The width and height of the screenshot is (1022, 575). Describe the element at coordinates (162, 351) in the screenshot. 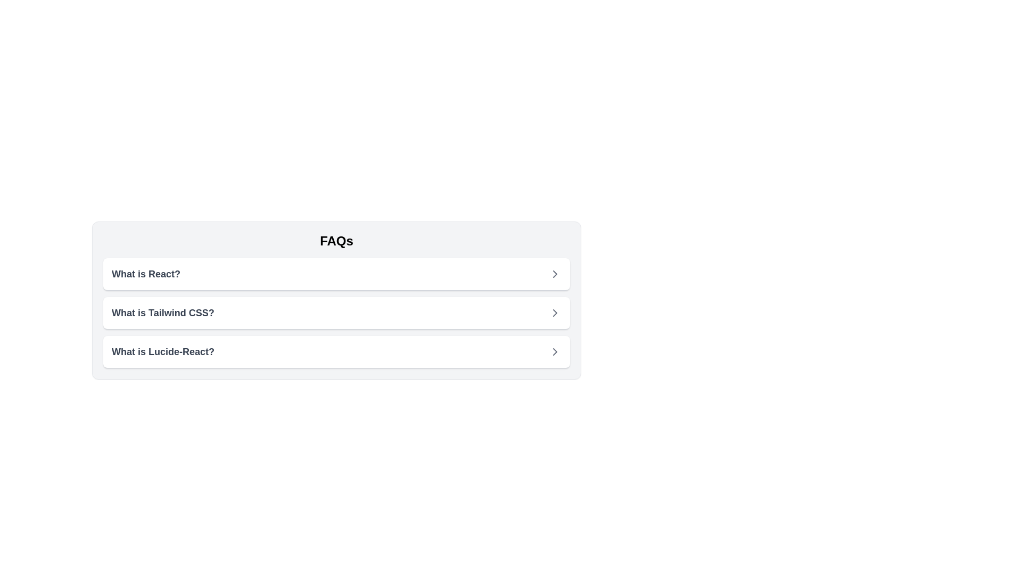

I see `the text label that reads 'What is Lucide-React?' located in the third row of the FAQ list to possibly see additional effects` at that location.